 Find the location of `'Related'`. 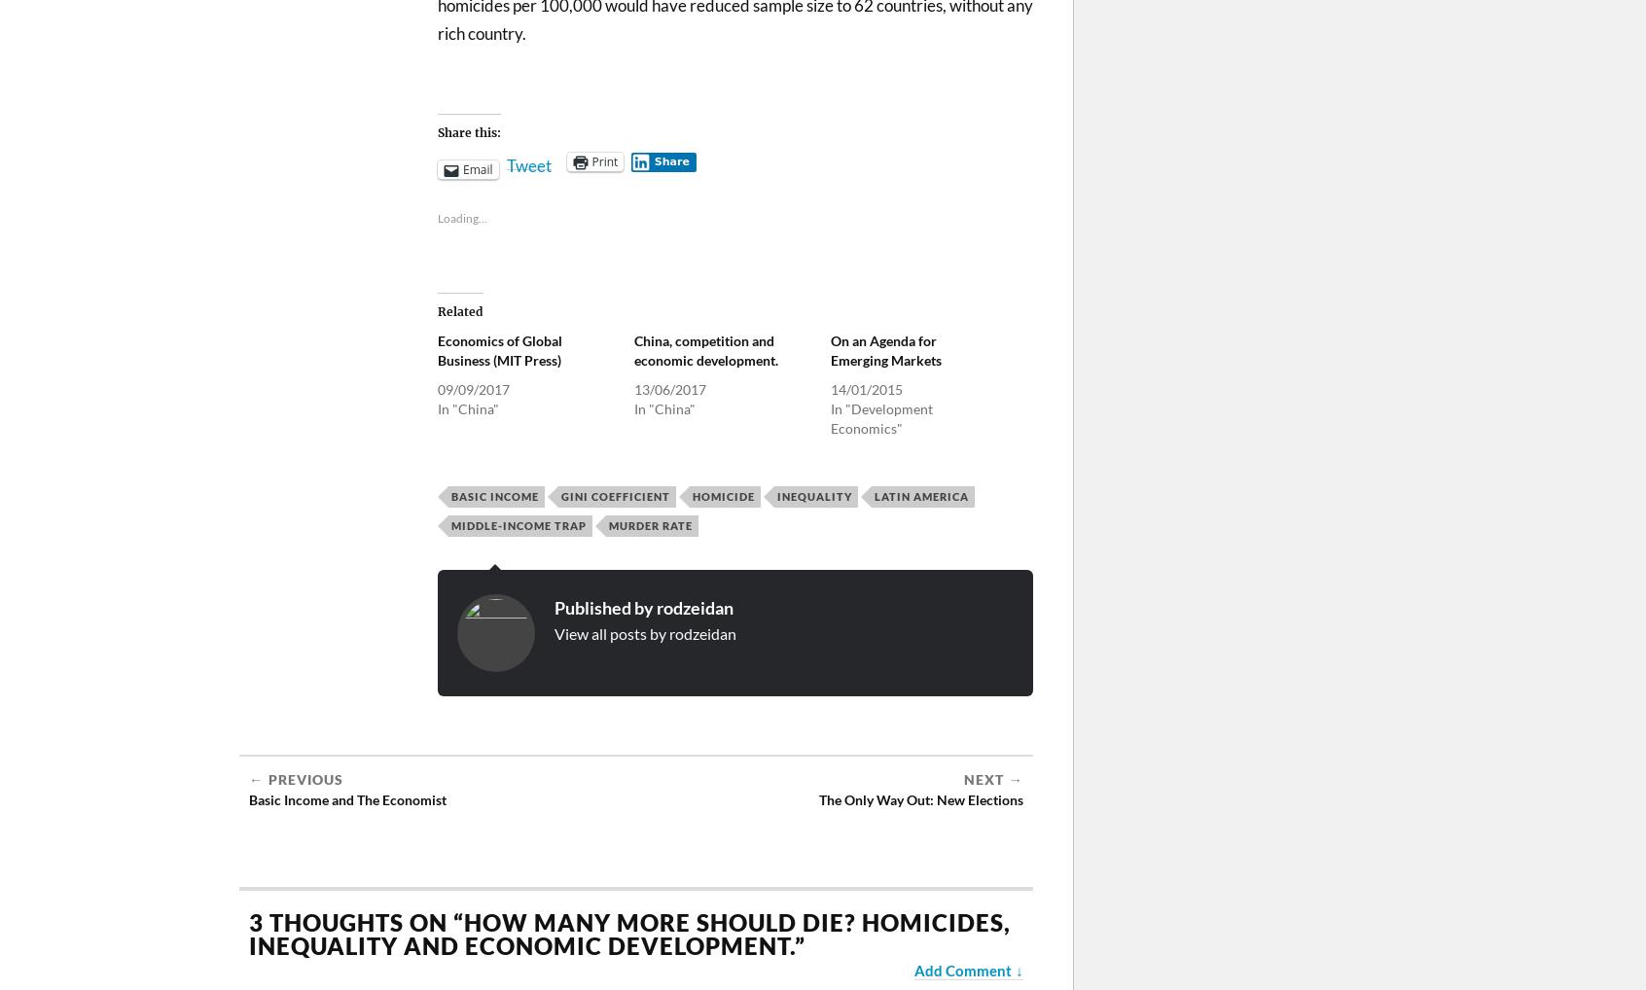

'Related' is located at coordinates (459, 310).